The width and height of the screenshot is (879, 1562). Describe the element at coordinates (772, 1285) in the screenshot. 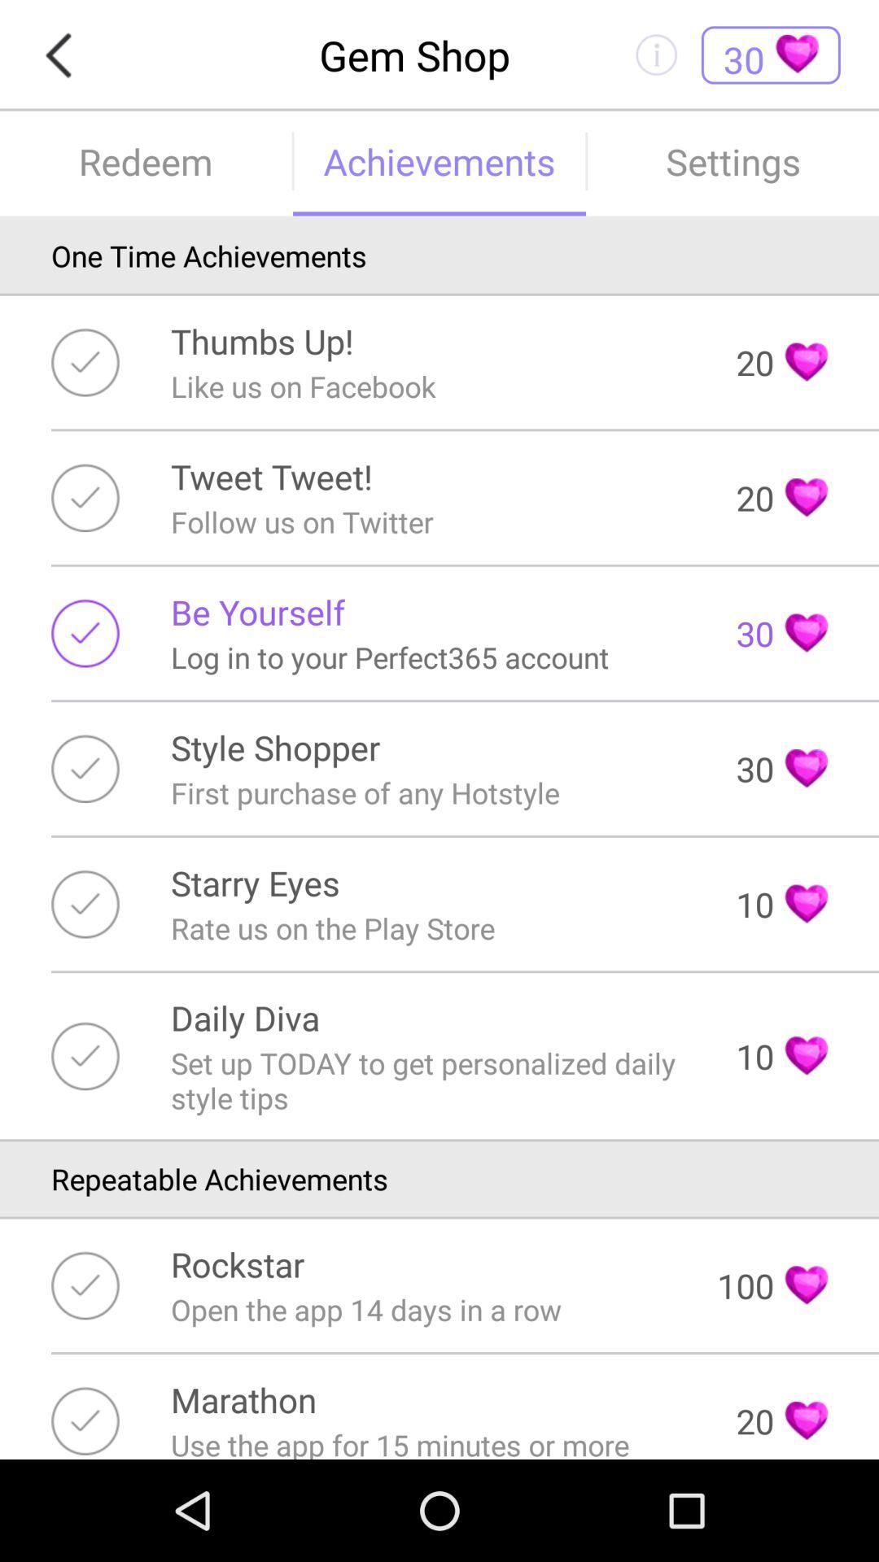

I see `the item next to the open the app item` at that location.